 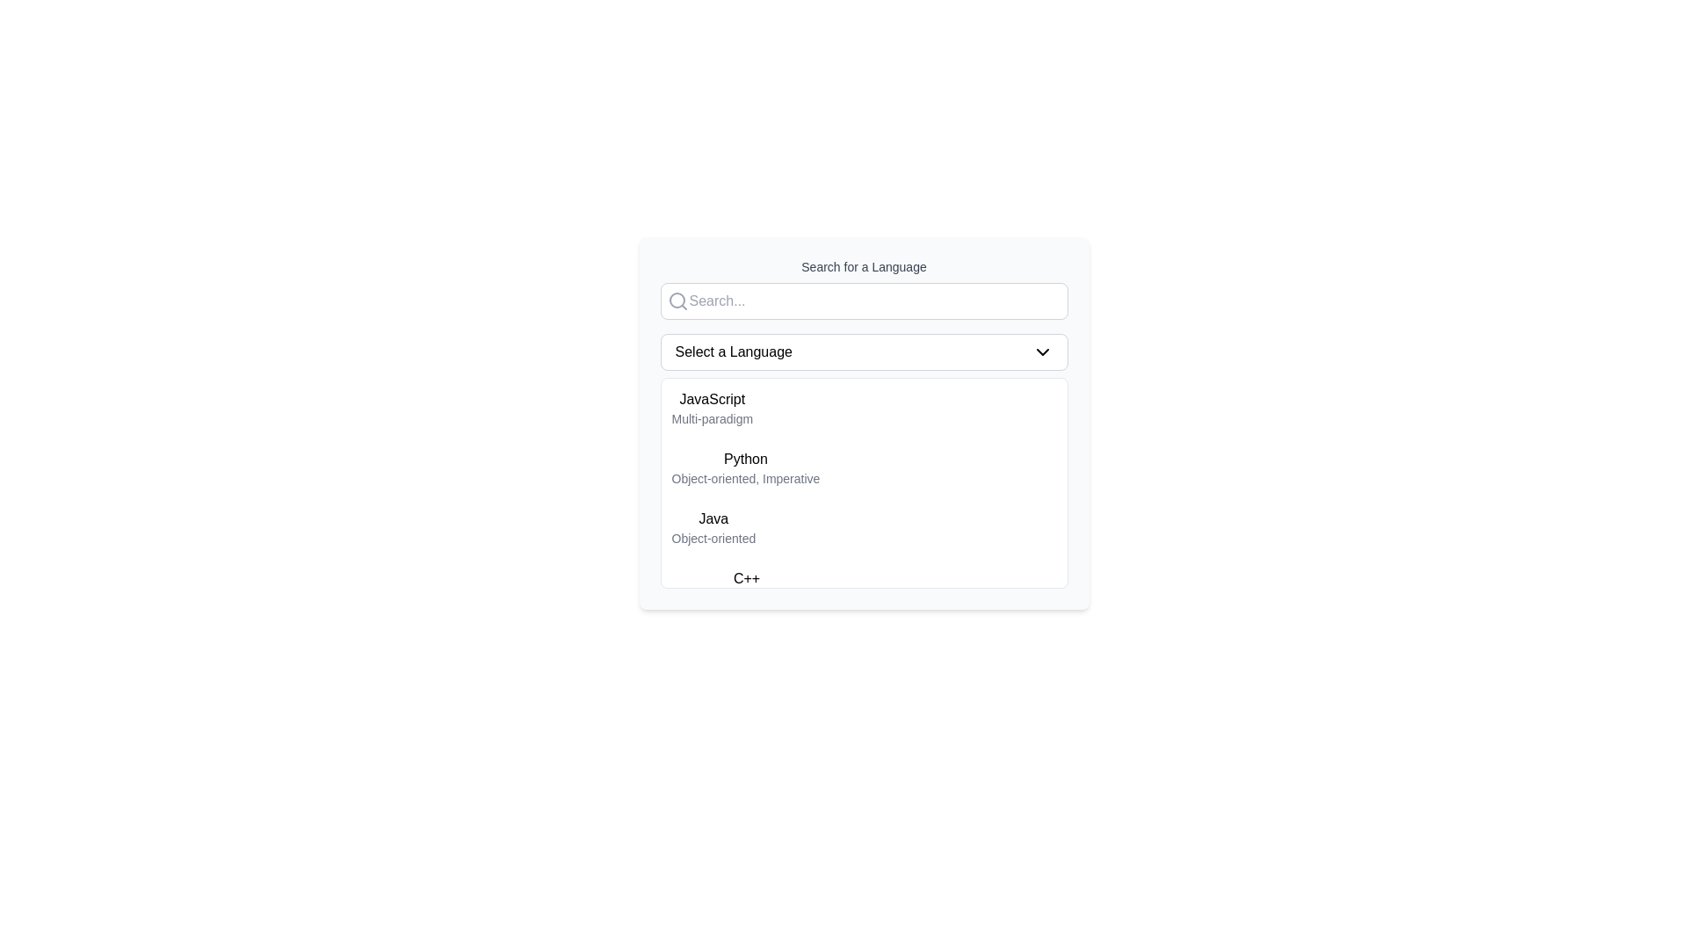 I want to click on the text label indicating the programming language 'C++' located in the fourth row of the dropdown selection menu, so click(x=747, y=579).